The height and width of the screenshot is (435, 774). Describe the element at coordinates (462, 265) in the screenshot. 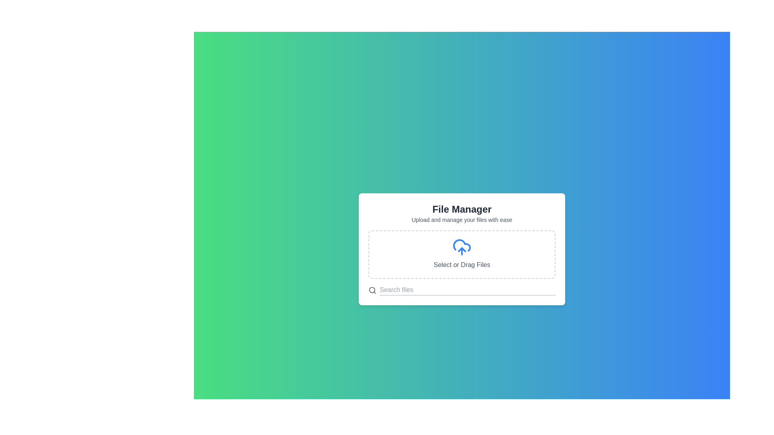

I see `the text label that indicates file upload actions, located below the cloud upload icon in the File Manager section` at that location.